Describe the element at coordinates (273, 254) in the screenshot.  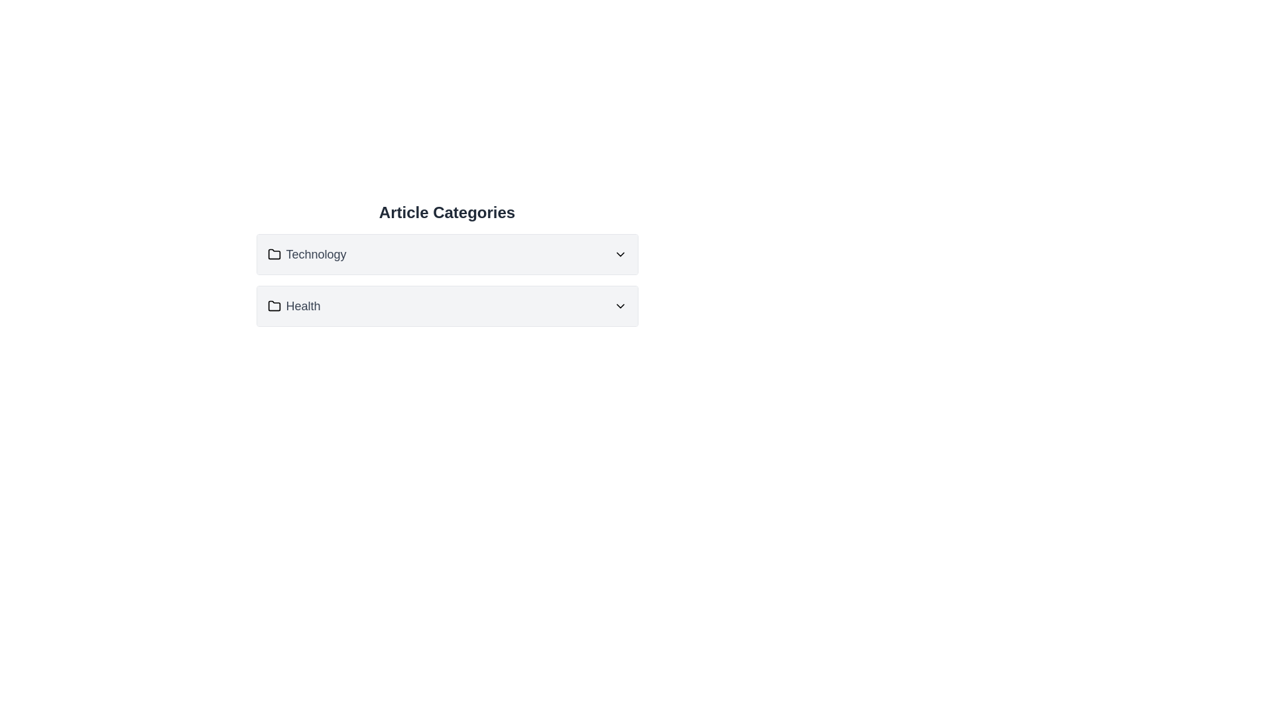
I see `the folder icon located in the 'Article Categories' section, which is styled with an outlined design and is the first icon before the 'Technology' category` at that location.